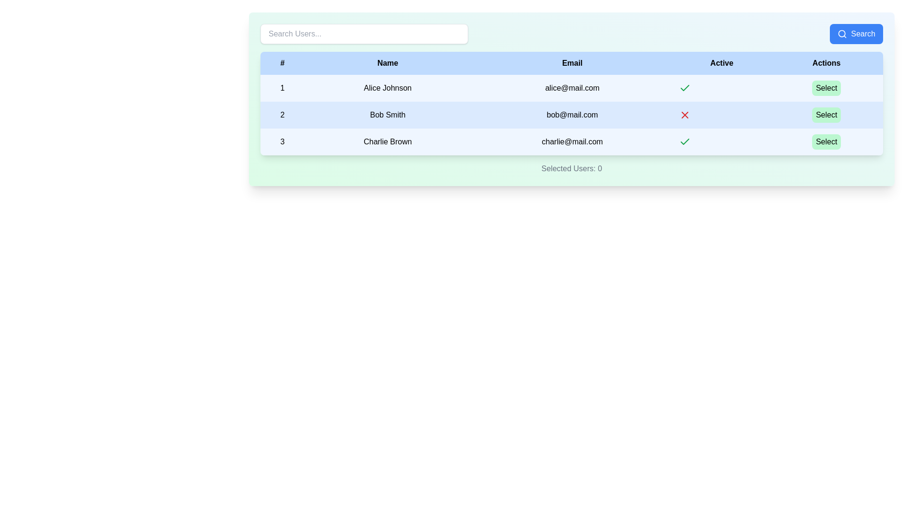 This screenshot has height=518, width=921. Describe the element at coordinates (826, 63) in the screenshot. I see `the table header cell labeled 'Actions', which is the last column header in a data table with a light blue background and black text` at that location.